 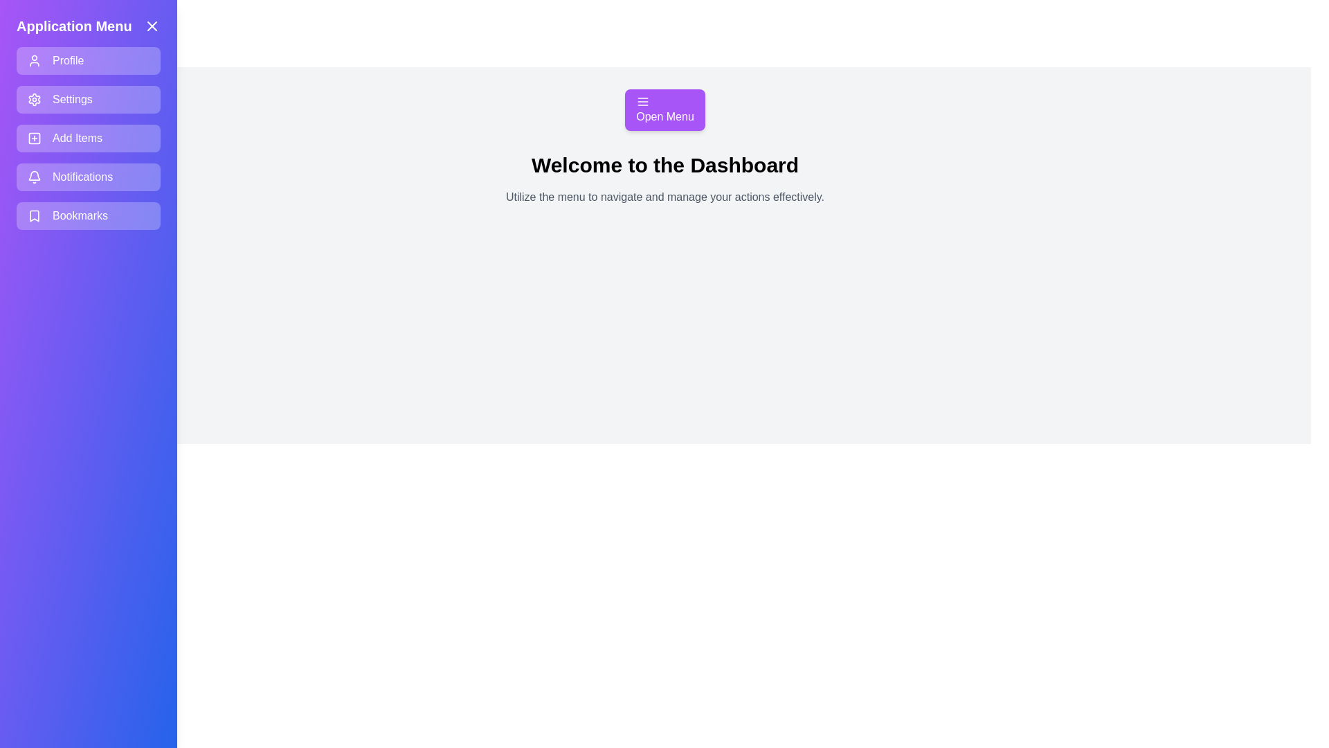 What do you see at coordinates (88, 98) in the screenshot?
I see `the menu item Settings to navigate to its respective section` at bounding box center [88, 98].